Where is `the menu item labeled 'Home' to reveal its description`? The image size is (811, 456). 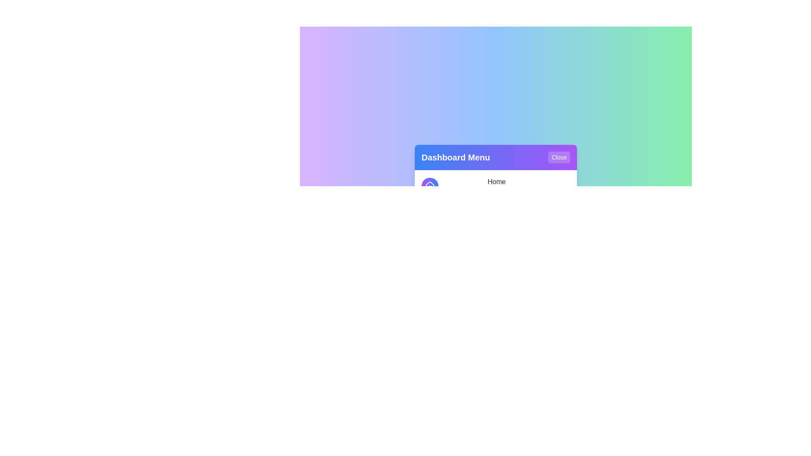 the menu item labeled 'Home' to reveal its description is located at coordinates (496, 185).